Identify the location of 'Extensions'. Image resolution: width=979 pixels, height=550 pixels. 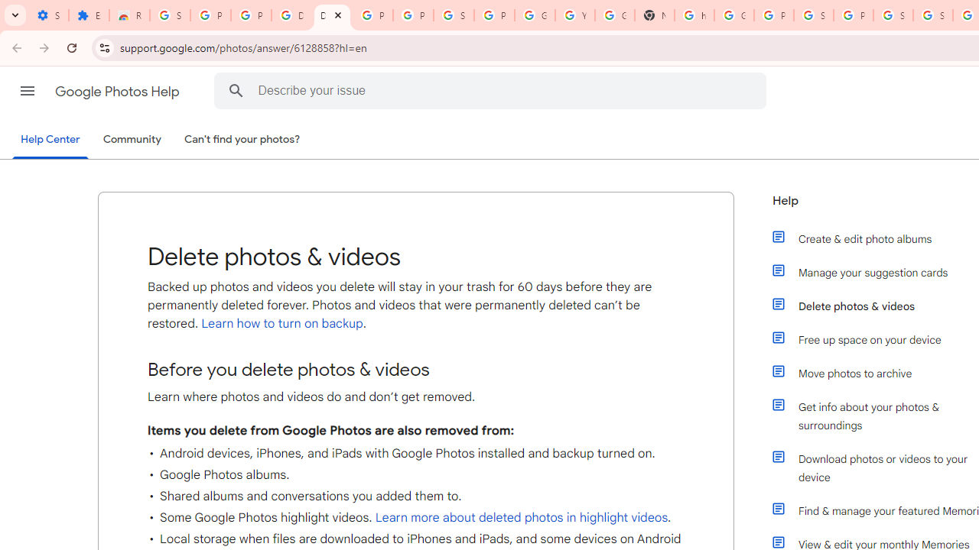
(88, 15).